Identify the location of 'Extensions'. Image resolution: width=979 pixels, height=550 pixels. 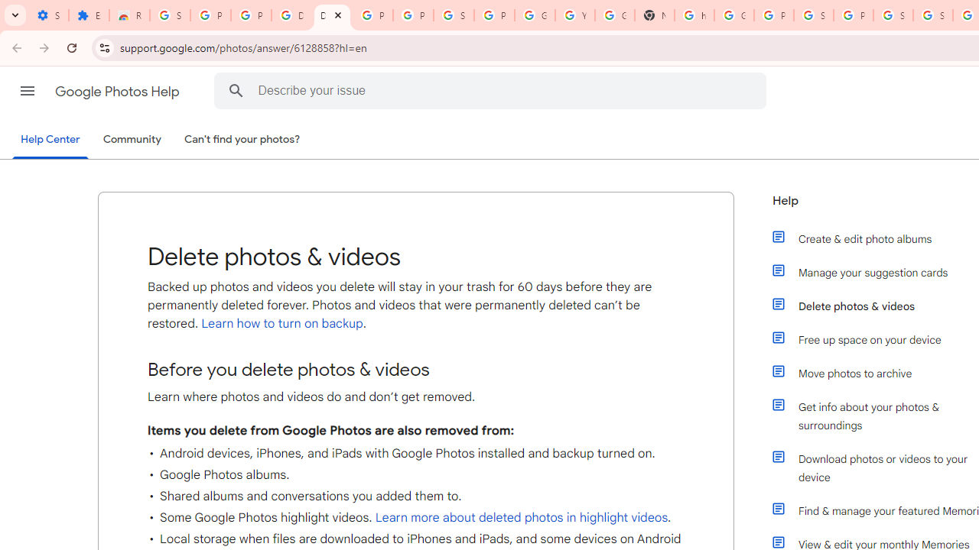
(88, 15).